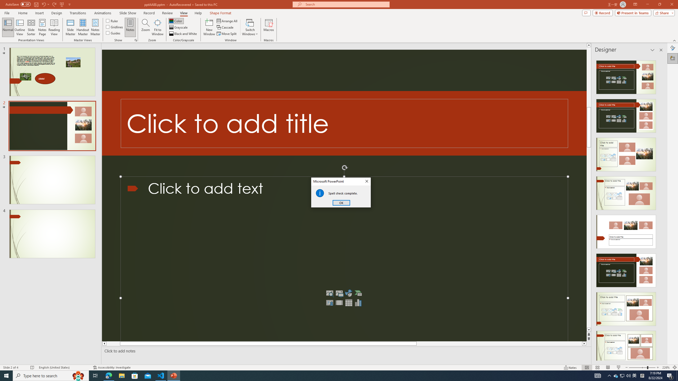 The height and width of the screenshot is (381, 678). What do you see at coordinates (176, 21) in the screenshot?
I see `'Color'` at bounding box center [176, 21].